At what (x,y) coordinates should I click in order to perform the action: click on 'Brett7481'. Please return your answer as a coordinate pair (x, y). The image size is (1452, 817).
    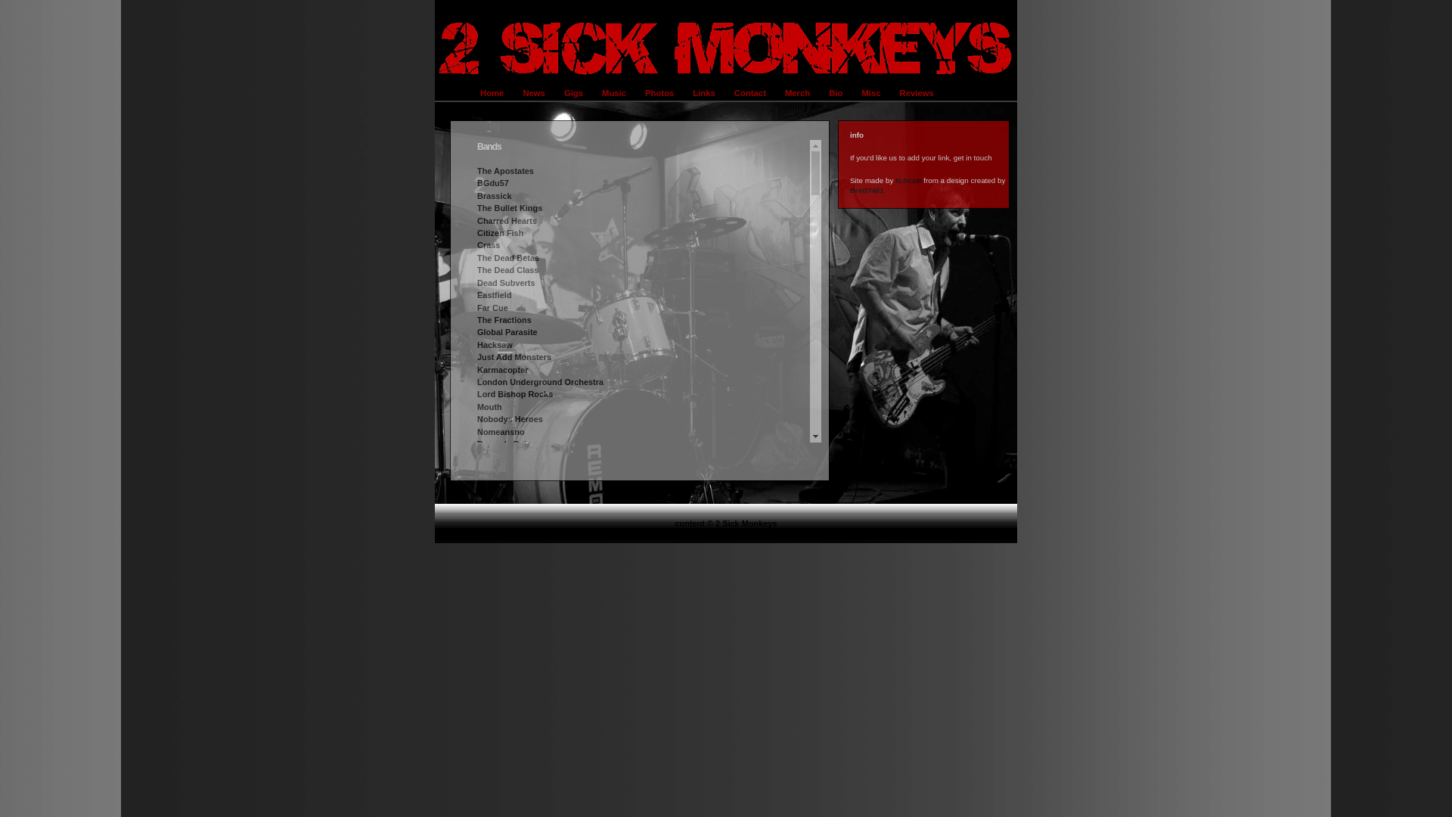
    Looking at the image, I should click on (867, 189).